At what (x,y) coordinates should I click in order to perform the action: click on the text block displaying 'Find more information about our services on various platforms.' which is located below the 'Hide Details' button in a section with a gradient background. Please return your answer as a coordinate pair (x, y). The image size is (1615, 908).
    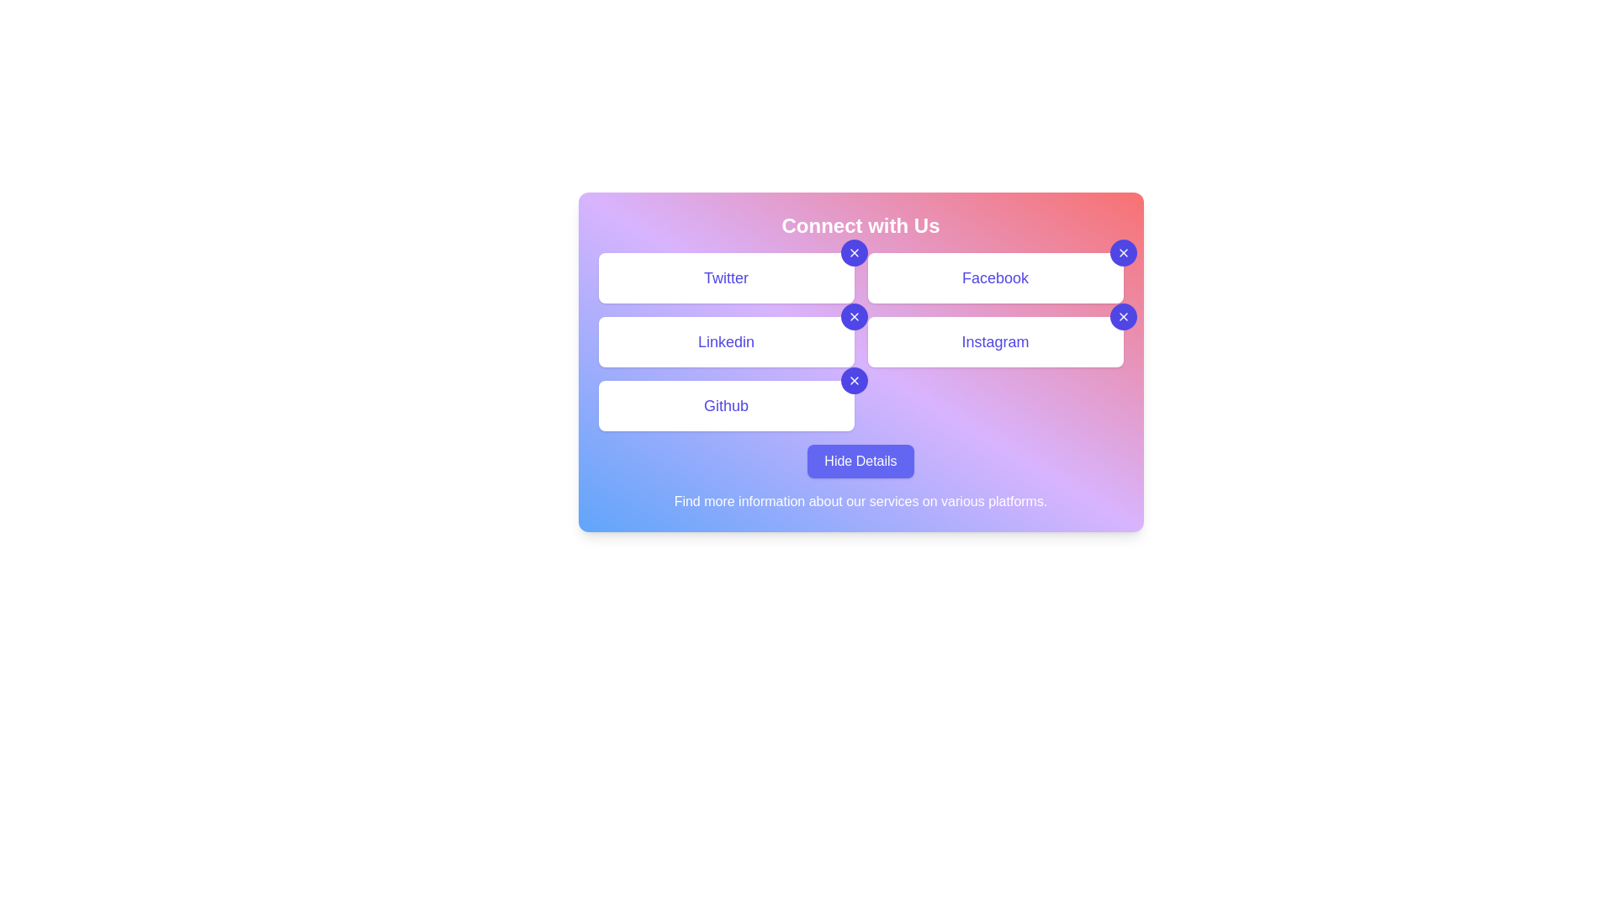
    Looking at the image, I should click on (860, 501).